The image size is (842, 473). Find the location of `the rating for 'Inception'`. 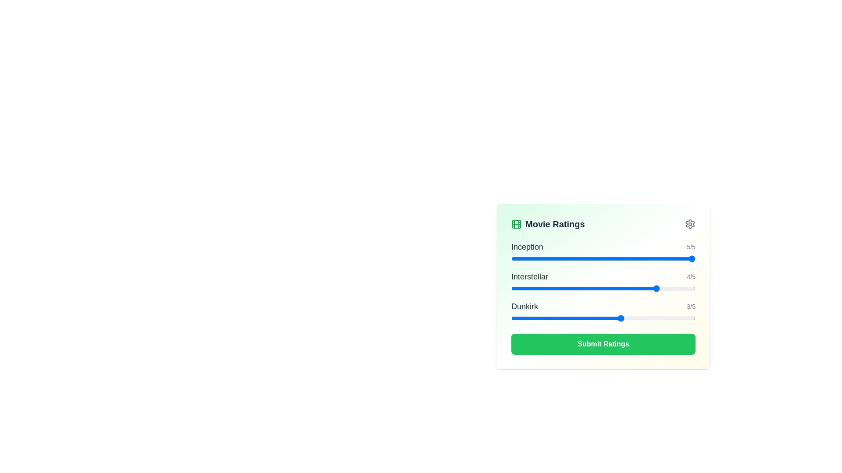

the rating for 'Inception' is located at coordinates (585, 258).